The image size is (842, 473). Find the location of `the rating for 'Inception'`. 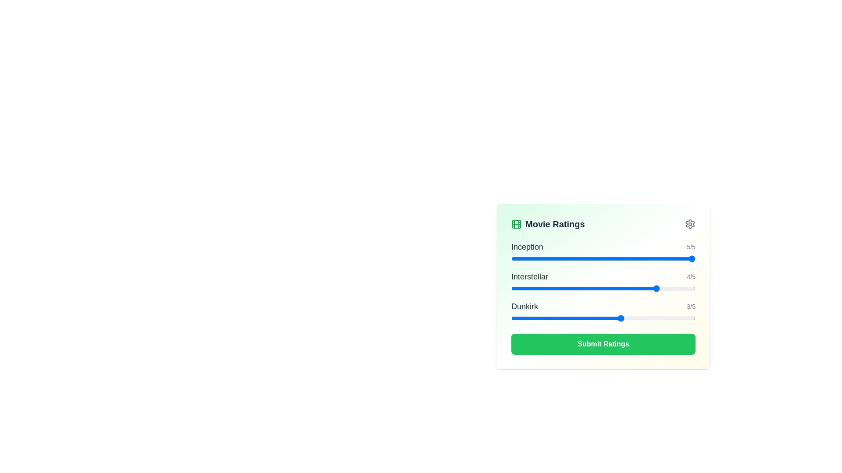

the rating for 'Inception' is located at coordinates (585, 258).